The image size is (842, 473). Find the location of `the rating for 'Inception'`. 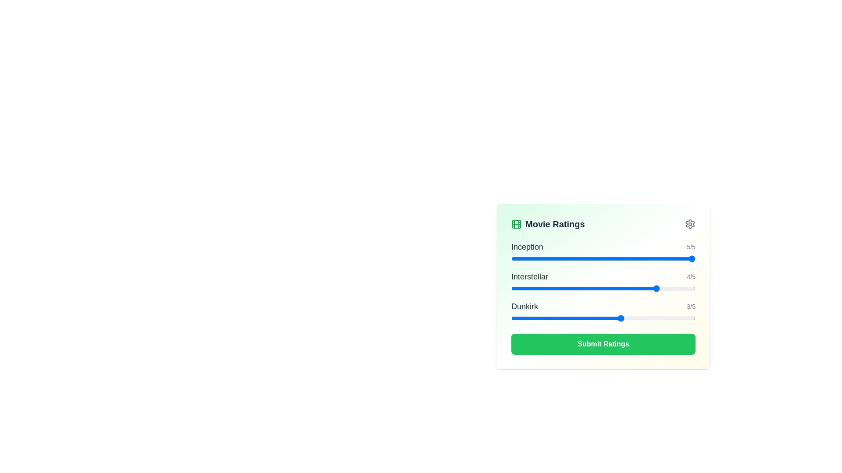

the rating for 'Inception' is located at coordinates (585, 258).